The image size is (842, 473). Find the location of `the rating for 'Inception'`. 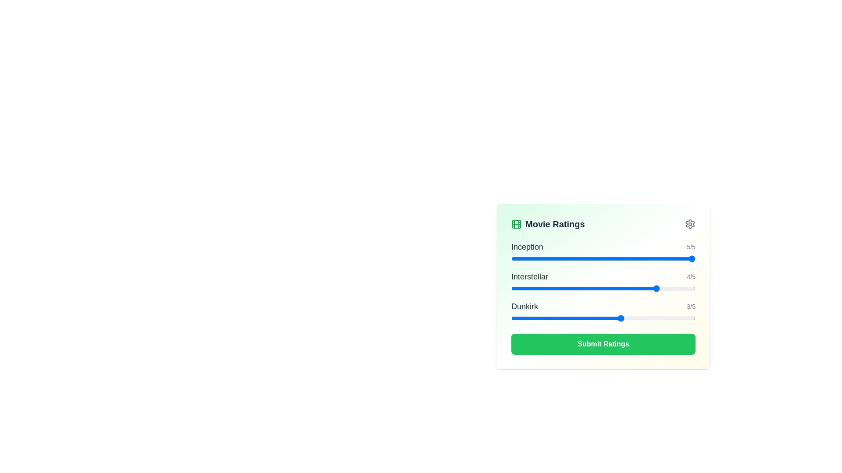

the rating for 'Inception' is located at coordinates (585, 258).